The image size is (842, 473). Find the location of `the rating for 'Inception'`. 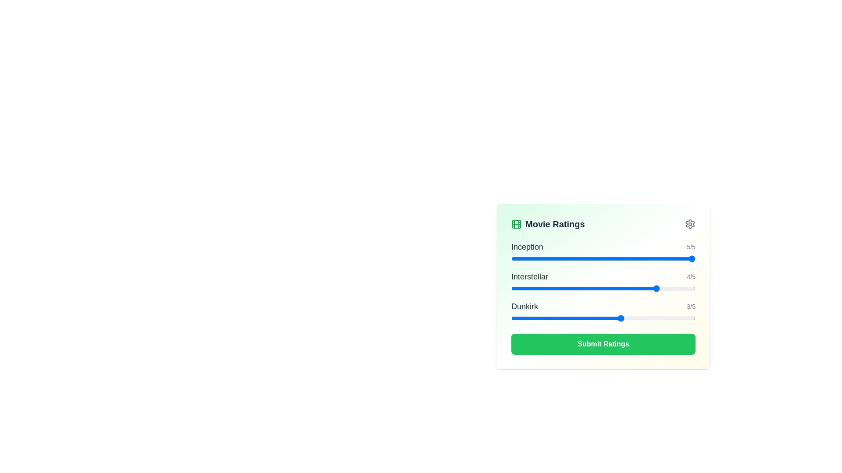

the rating for 'Inception' is located at coordinates (585, 258).